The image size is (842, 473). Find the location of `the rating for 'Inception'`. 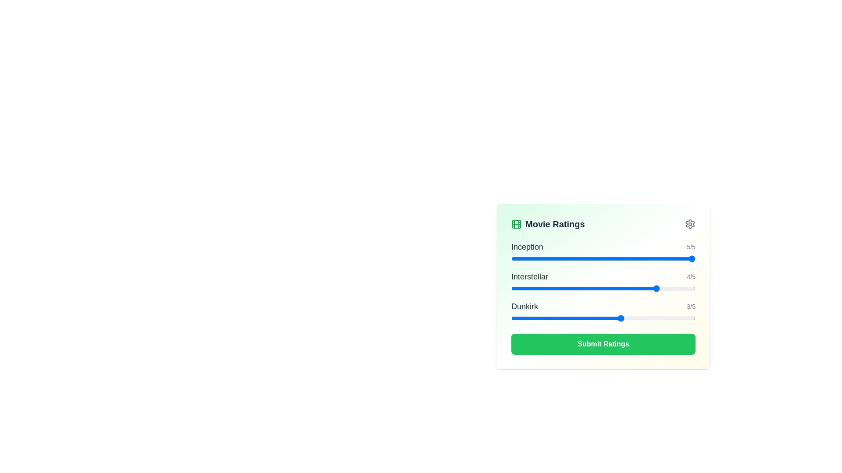

the rating for 'Inception' is located at coordinates (585, 258).